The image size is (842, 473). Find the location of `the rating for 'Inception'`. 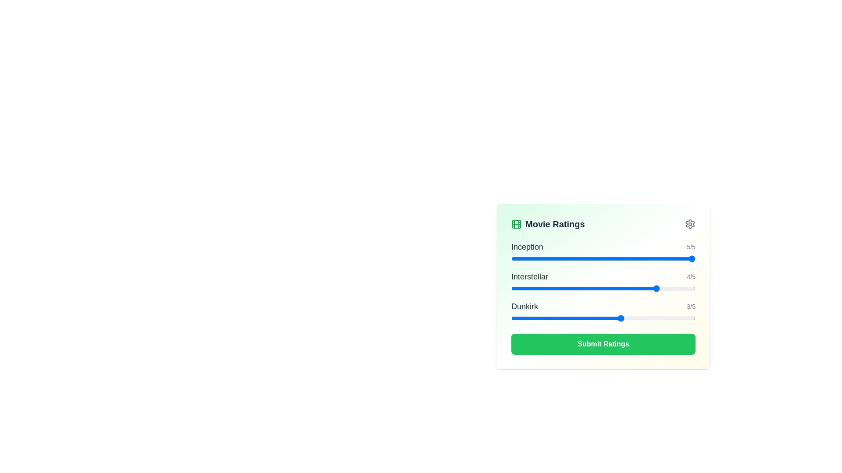

the rating for 'Inception' is located at coordinates (585, 258).